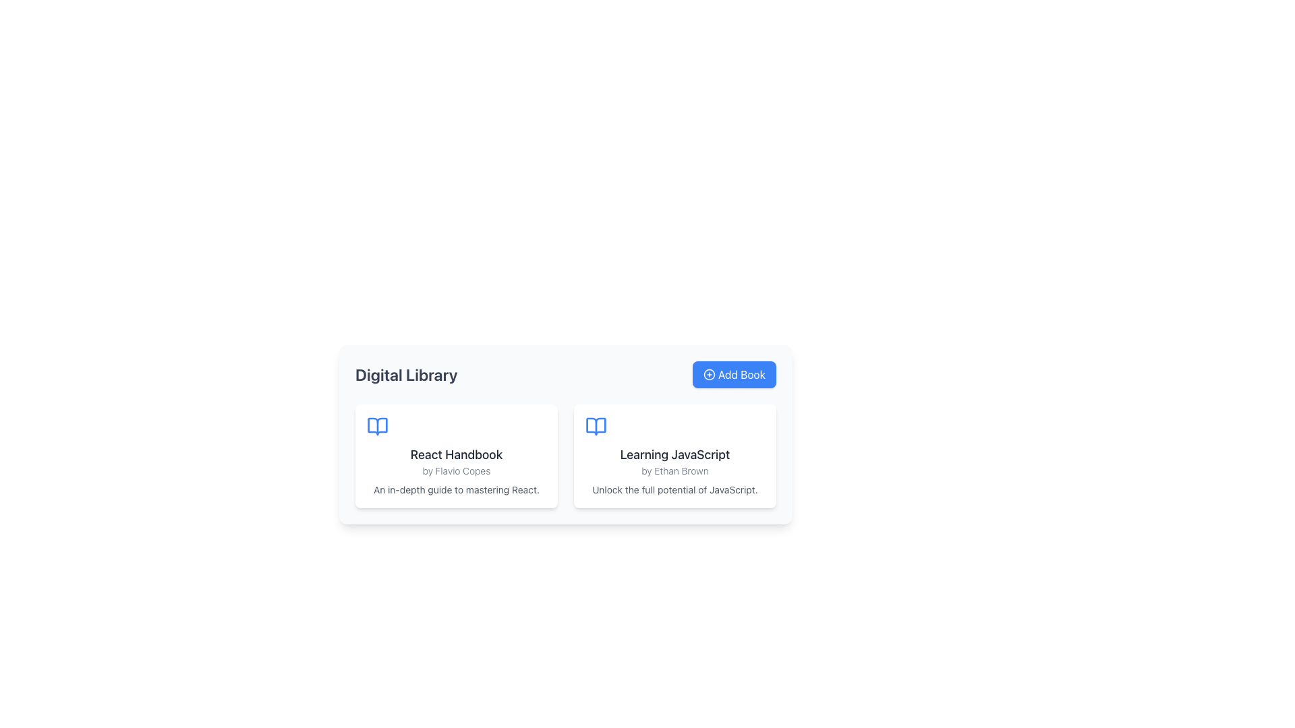  Describe the element at coordinates (456, 456) in the screenshot. I see `the 'React Handbook' card` at that location.